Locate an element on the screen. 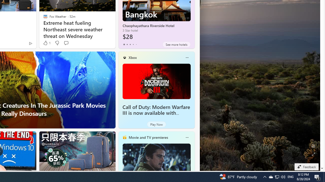 Image resolution: width=325 pixels, height=182 pixels. 'See more hotels' is located at coordinates (176, 44).